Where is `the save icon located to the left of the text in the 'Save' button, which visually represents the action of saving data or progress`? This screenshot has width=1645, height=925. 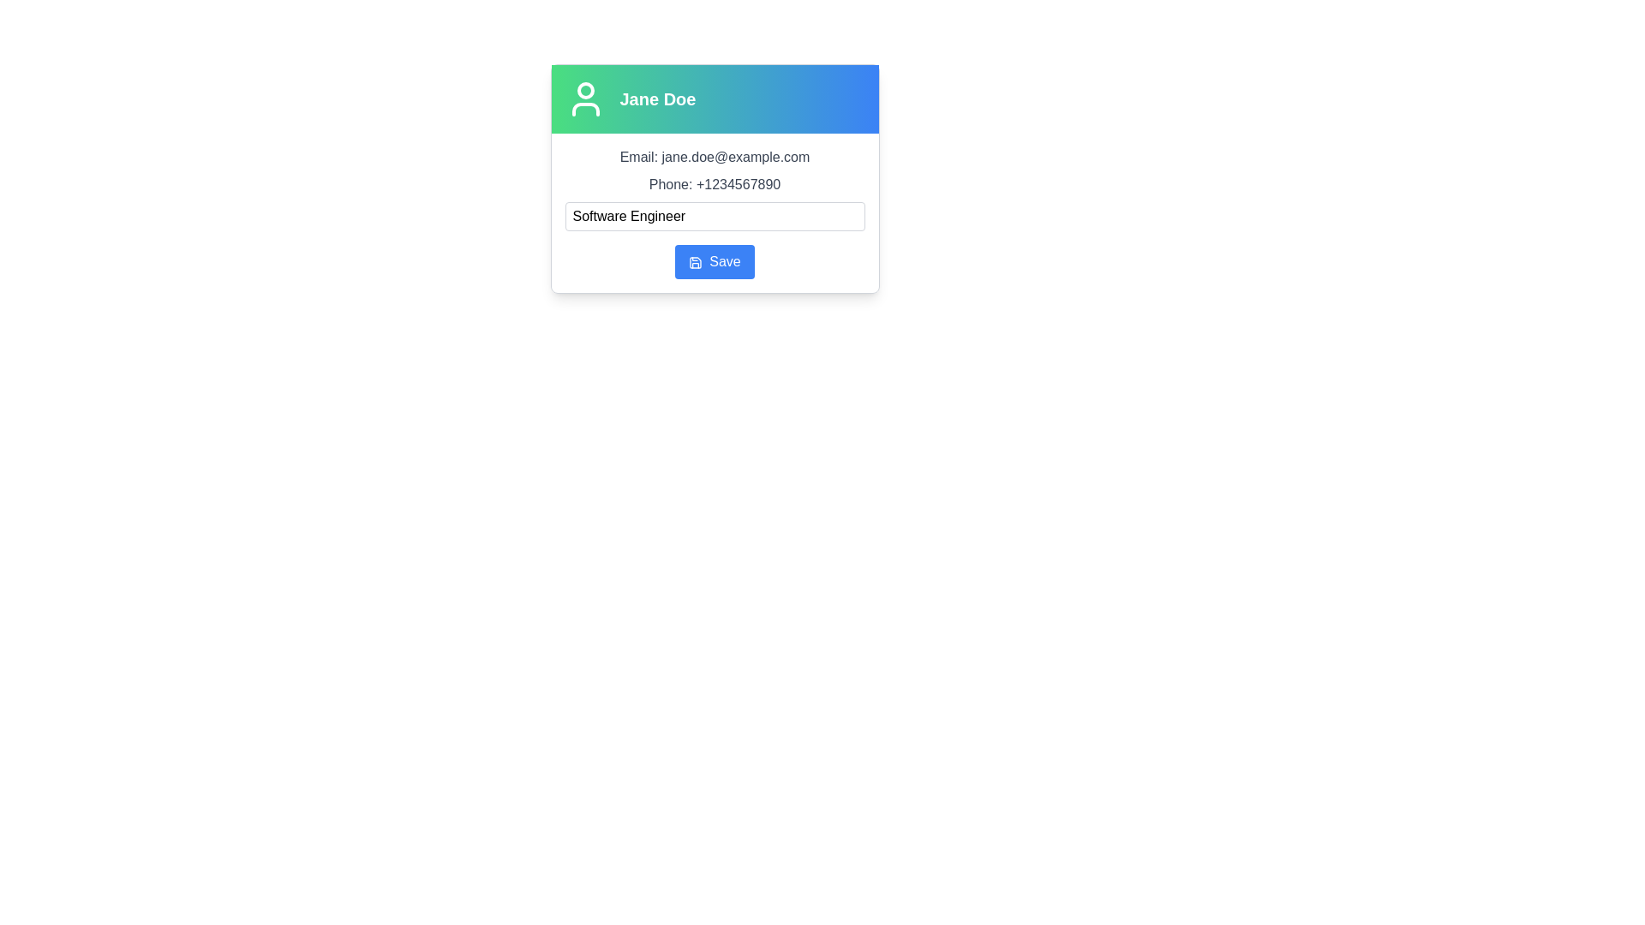
the save icon located to the left of the text in the 'Save' button, which visually represents the action of saving data or progress is located at coordinates (696, 262).